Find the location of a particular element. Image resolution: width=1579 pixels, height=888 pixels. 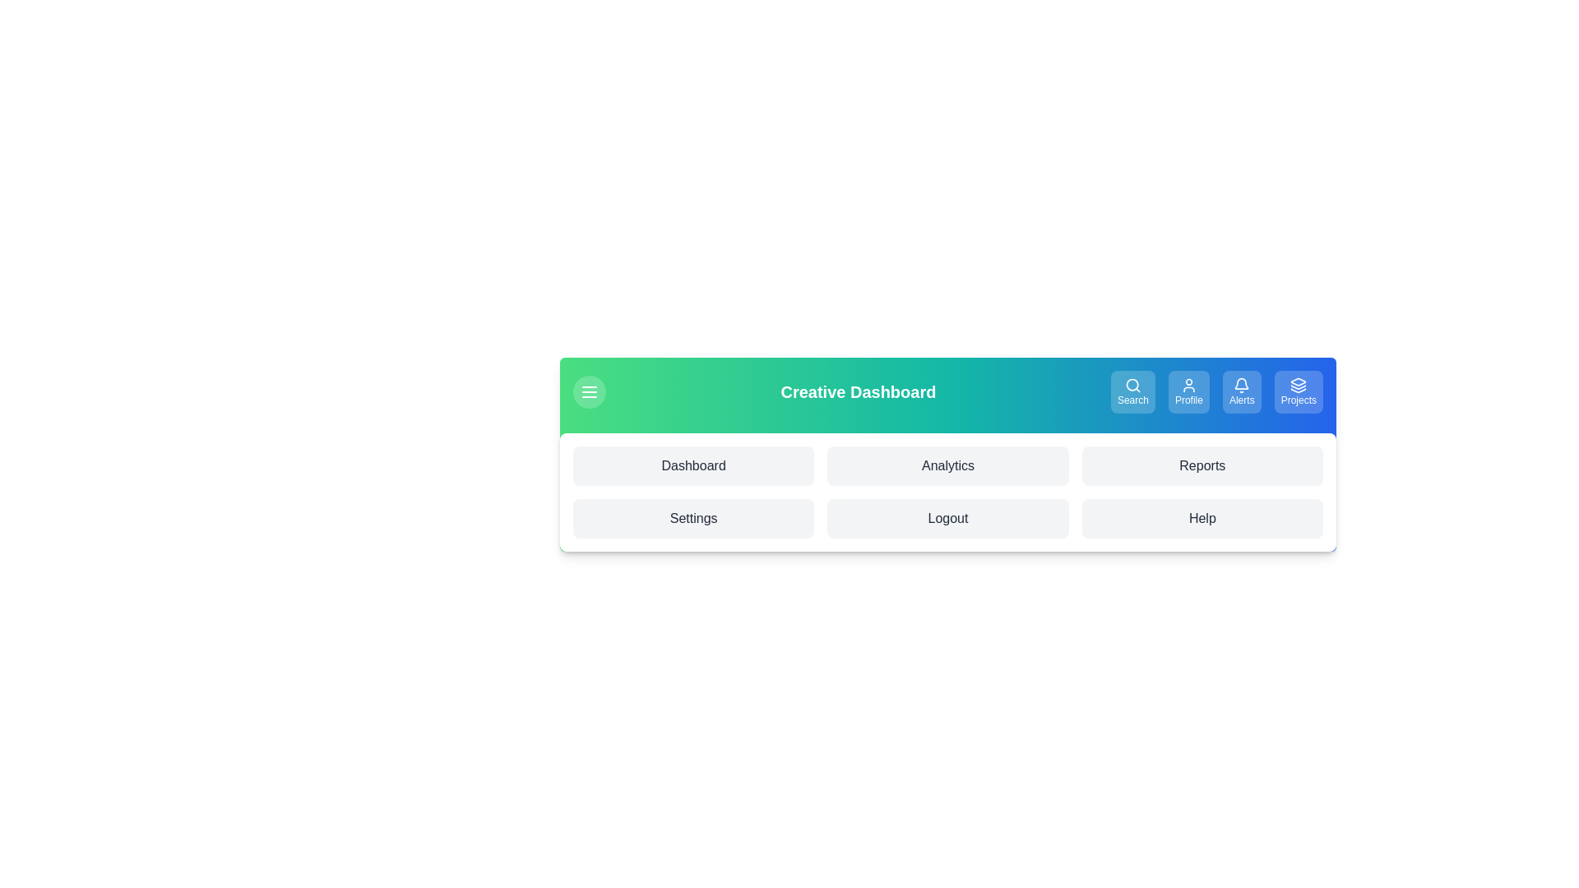

the button labeled Search to view its hover effect is located at coordinates (1132, 392).